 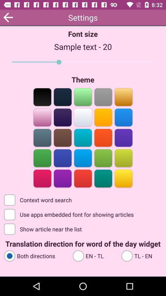 What do you see at coordinates (42, 157) in the screenshot?
I see `theme option` at bounding box center [42, 157].